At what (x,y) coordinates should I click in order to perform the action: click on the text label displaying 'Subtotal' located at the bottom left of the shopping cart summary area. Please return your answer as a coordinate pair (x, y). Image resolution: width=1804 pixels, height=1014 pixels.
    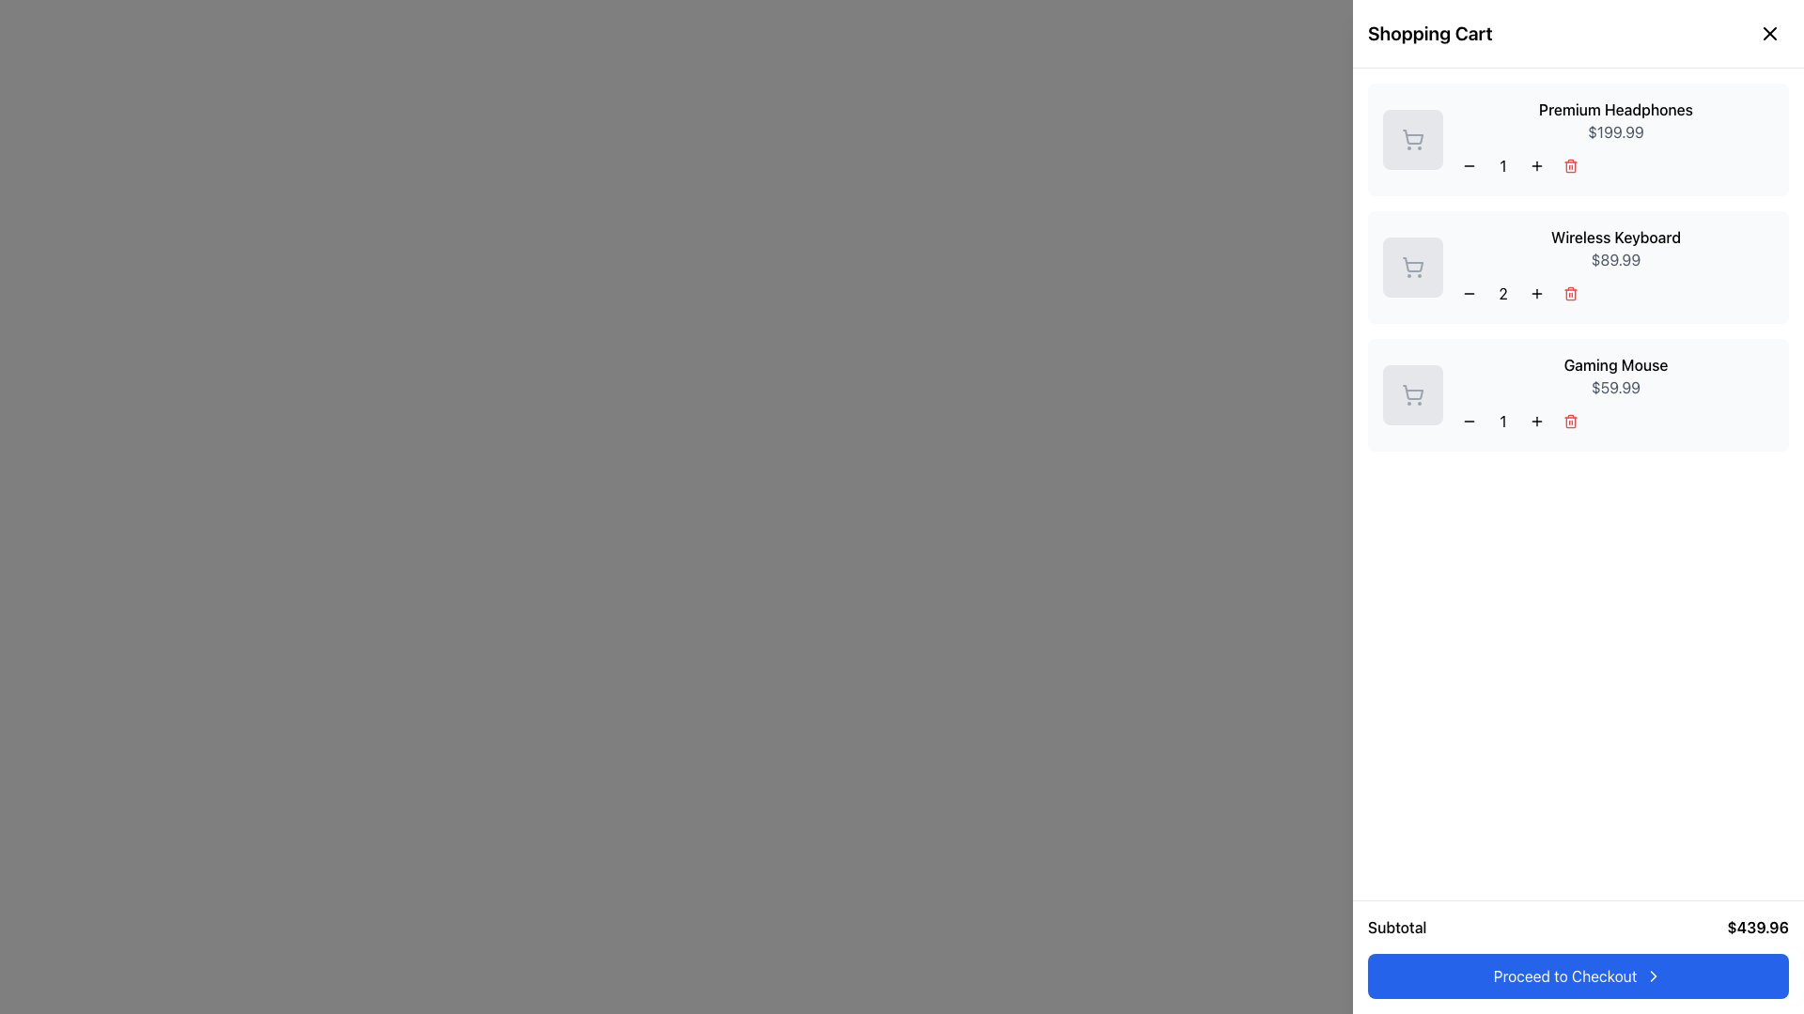
    Looking at the image, I should click on (1397, 926).